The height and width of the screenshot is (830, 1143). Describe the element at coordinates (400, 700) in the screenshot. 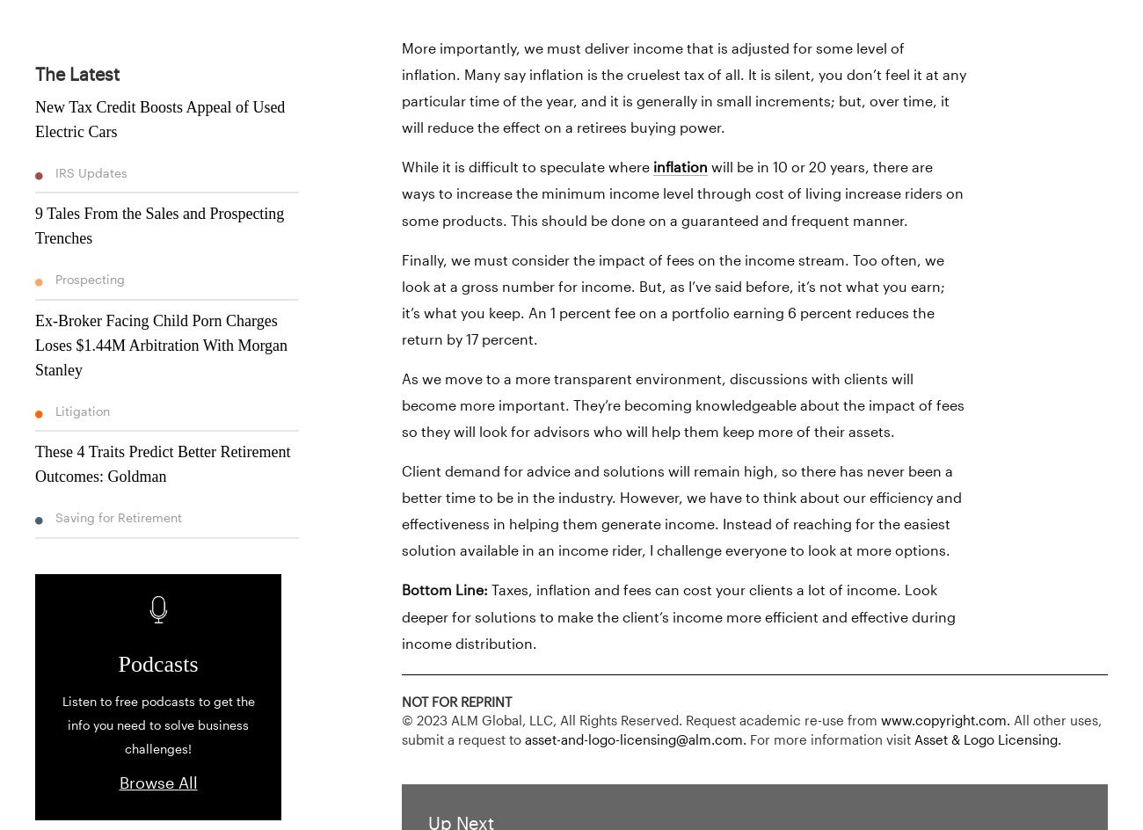

I see `'NOT FOR REPRINT'` at that location.